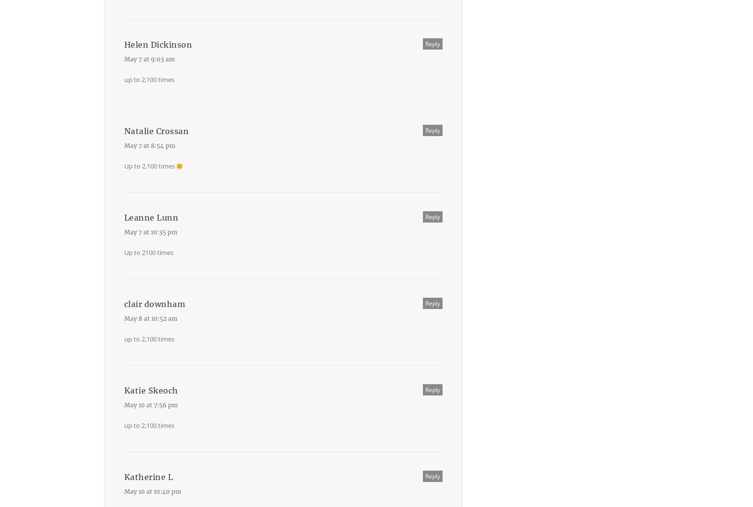  What do you see at coordinates (151, 217) in the screenshot?
I see `'Leanne Lunn'` at bounding box center [151, 217].